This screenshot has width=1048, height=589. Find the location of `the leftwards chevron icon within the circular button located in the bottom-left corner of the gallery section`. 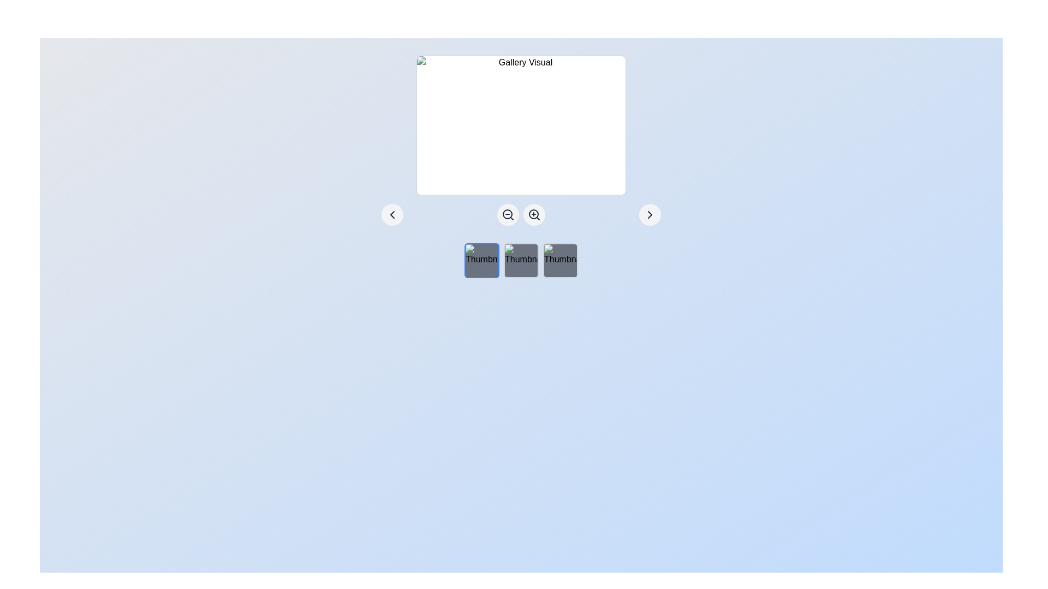

the leftwards chevron icon within the circular button located in the bottom-left corner of the gallery section is located at coordinates (392, 214).